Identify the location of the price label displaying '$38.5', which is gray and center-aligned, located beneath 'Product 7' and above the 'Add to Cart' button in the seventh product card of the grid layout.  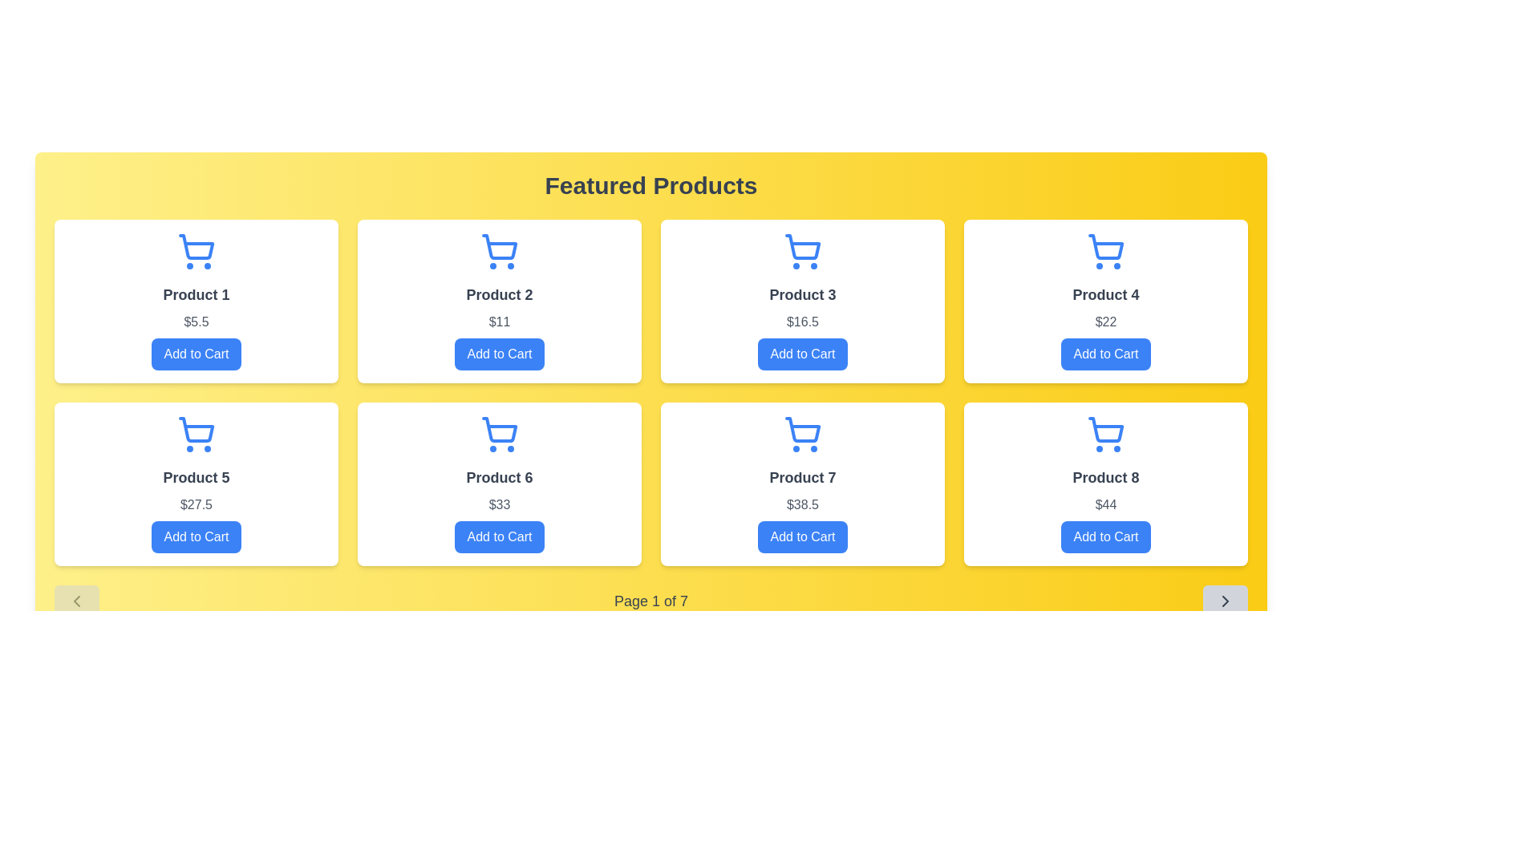
(803, 504).